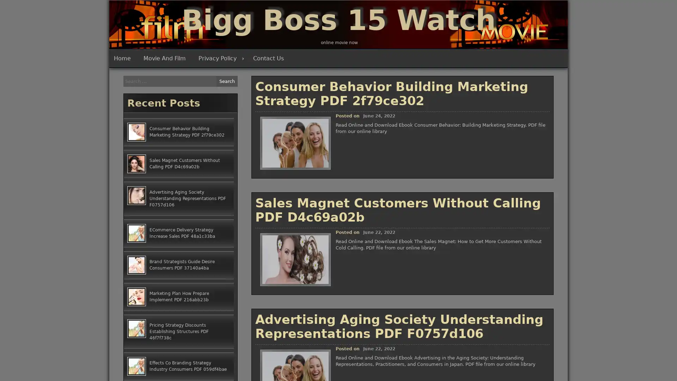  Describe the element at coordinates (227, 81) in the screenshot. I see `Search` at that location.